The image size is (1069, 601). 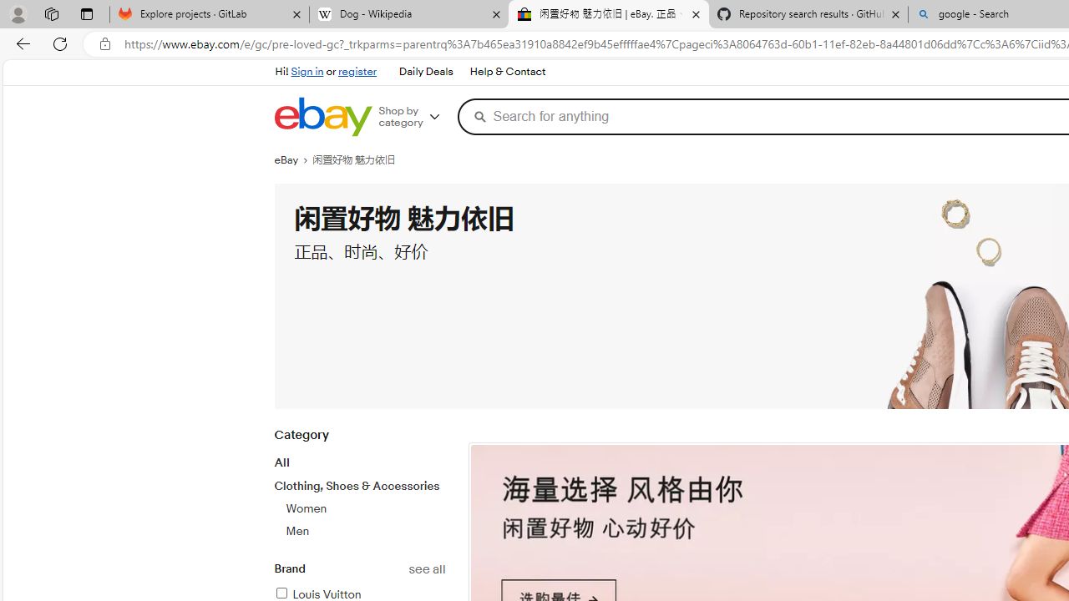 What do you see at coordinates (357, 71) in the screenshot?
I see `'register'` at bounding box center [357, 71].